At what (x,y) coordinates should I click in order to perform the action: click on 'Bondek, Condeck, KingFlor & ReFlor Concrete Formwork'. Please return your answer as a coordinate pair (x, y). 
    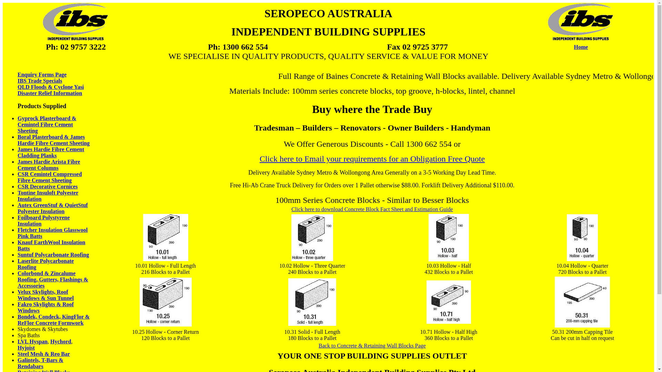
    Looking at the image, I should click on (53, 320).